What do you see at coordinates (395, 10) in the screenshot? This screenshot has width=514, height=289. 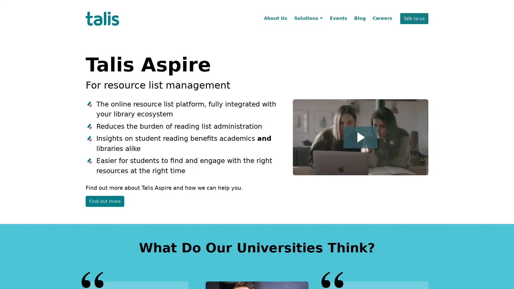 I see `Accept` at bounding box center [395, 10].